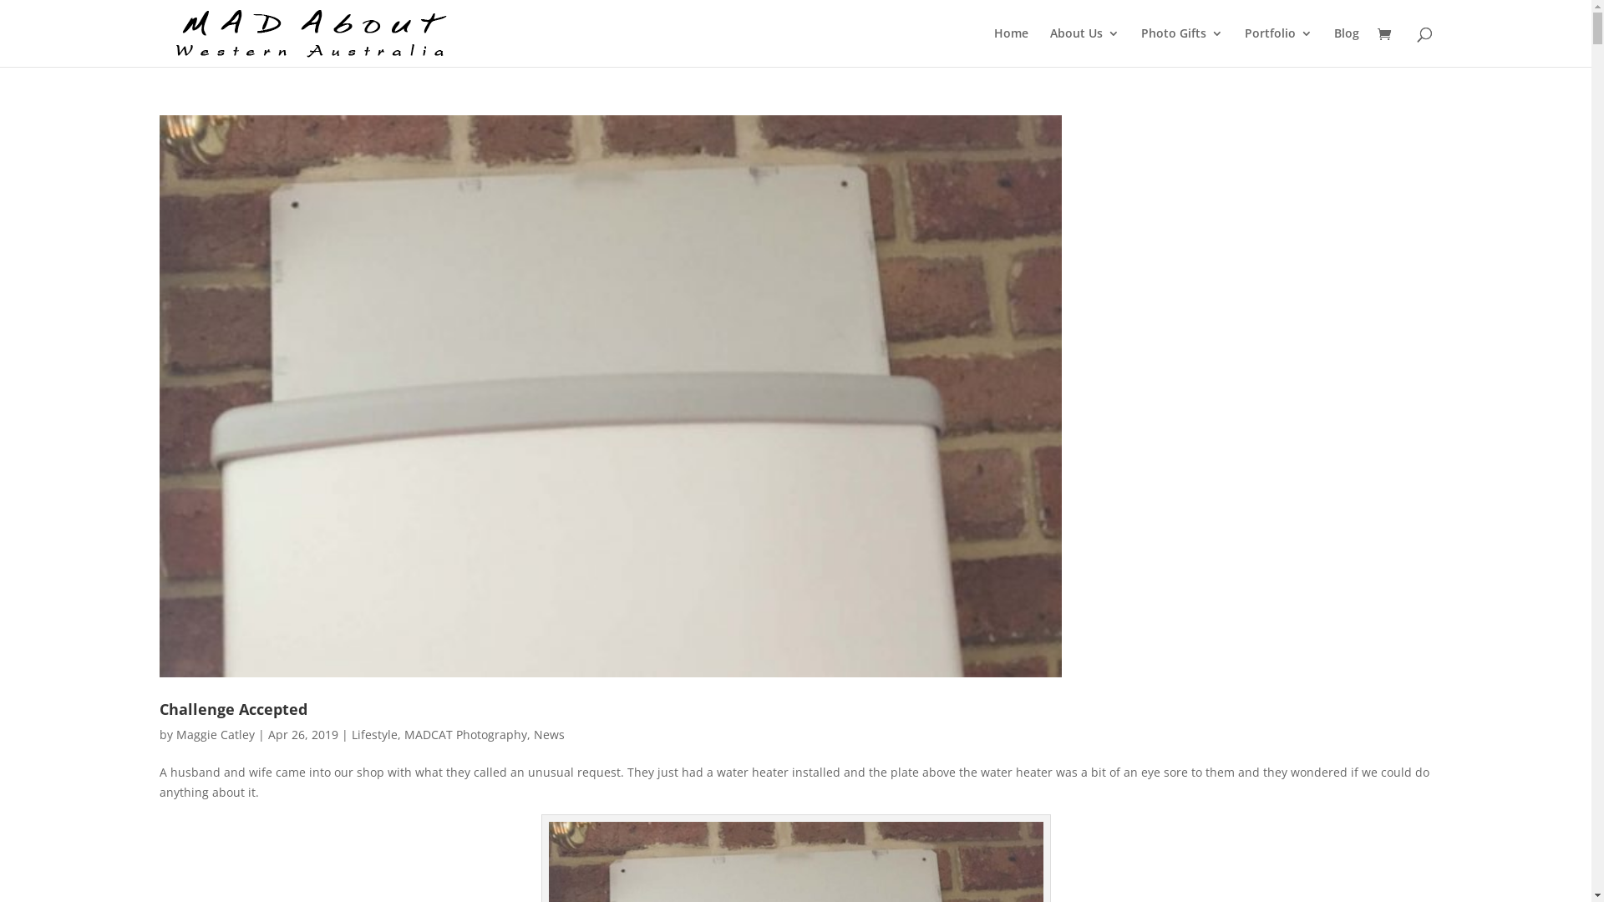 The width and height of the screenshot is (1604, 902). I want to click on 'Photo Gifts', so click(1140, 46).